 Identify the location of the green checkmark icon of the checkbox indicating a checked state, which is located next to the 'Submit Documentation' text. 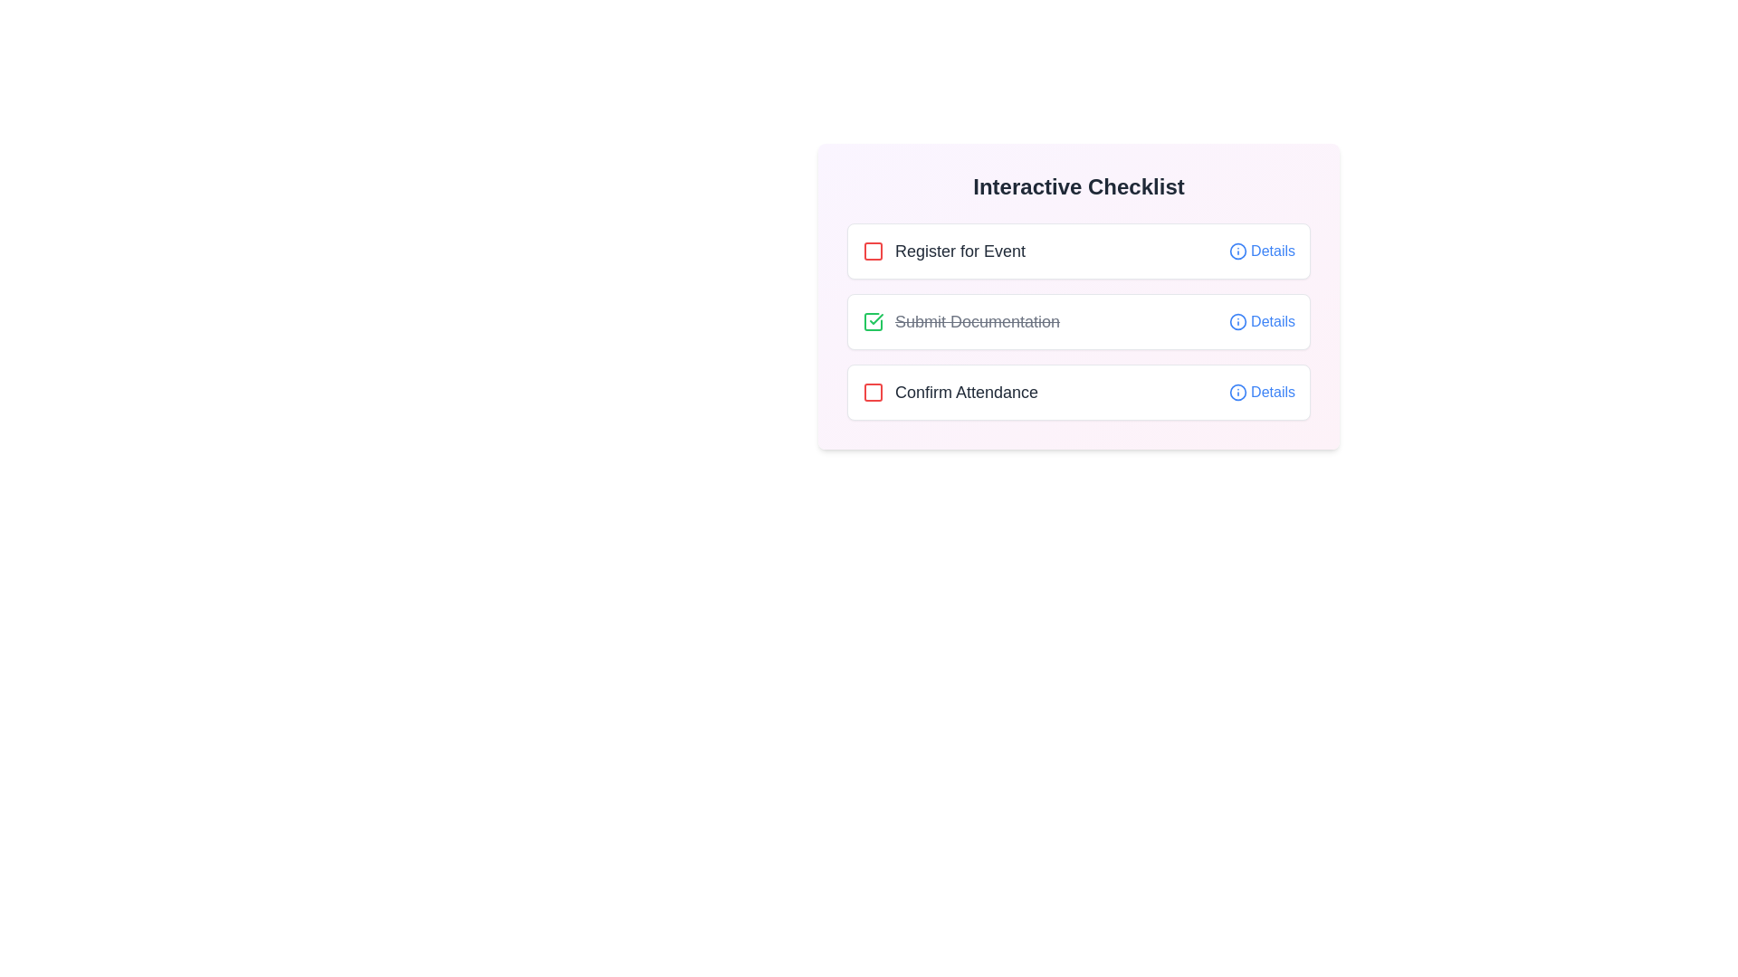
(873, 320).